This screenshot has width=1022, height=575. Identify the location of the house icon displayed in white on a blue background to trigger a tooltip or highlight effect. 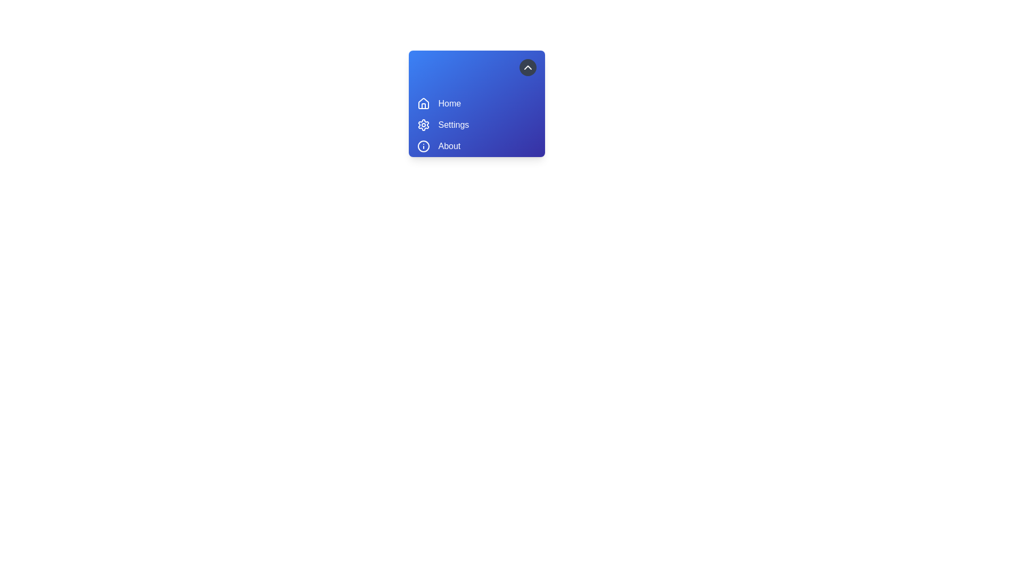
(423, 104).